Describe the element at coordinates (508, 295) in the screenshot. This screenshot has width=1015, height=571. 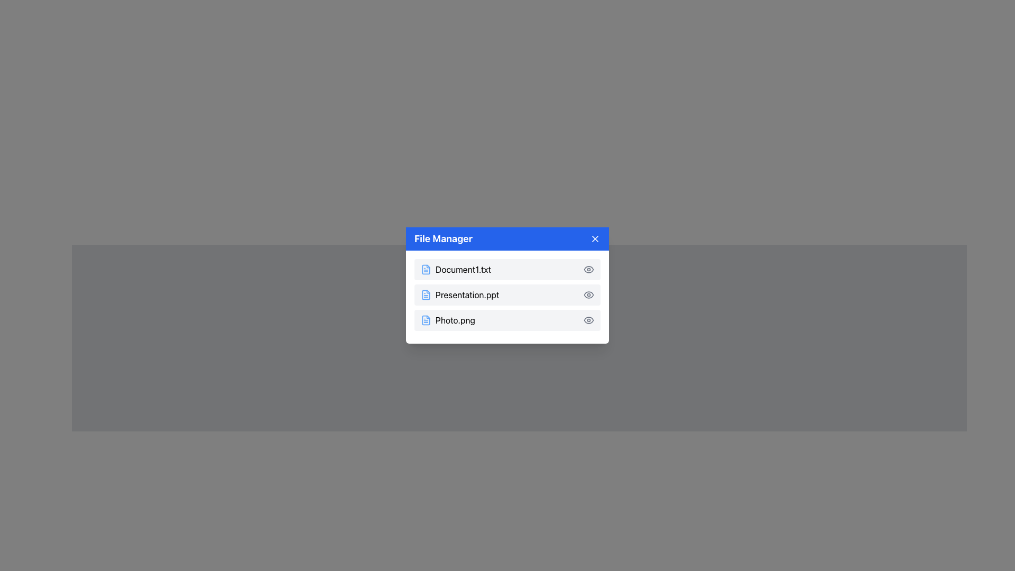
I see `to select the file named 'Presentation.ppt' in the File Manager, which is the second item in the vertical list` at that location.